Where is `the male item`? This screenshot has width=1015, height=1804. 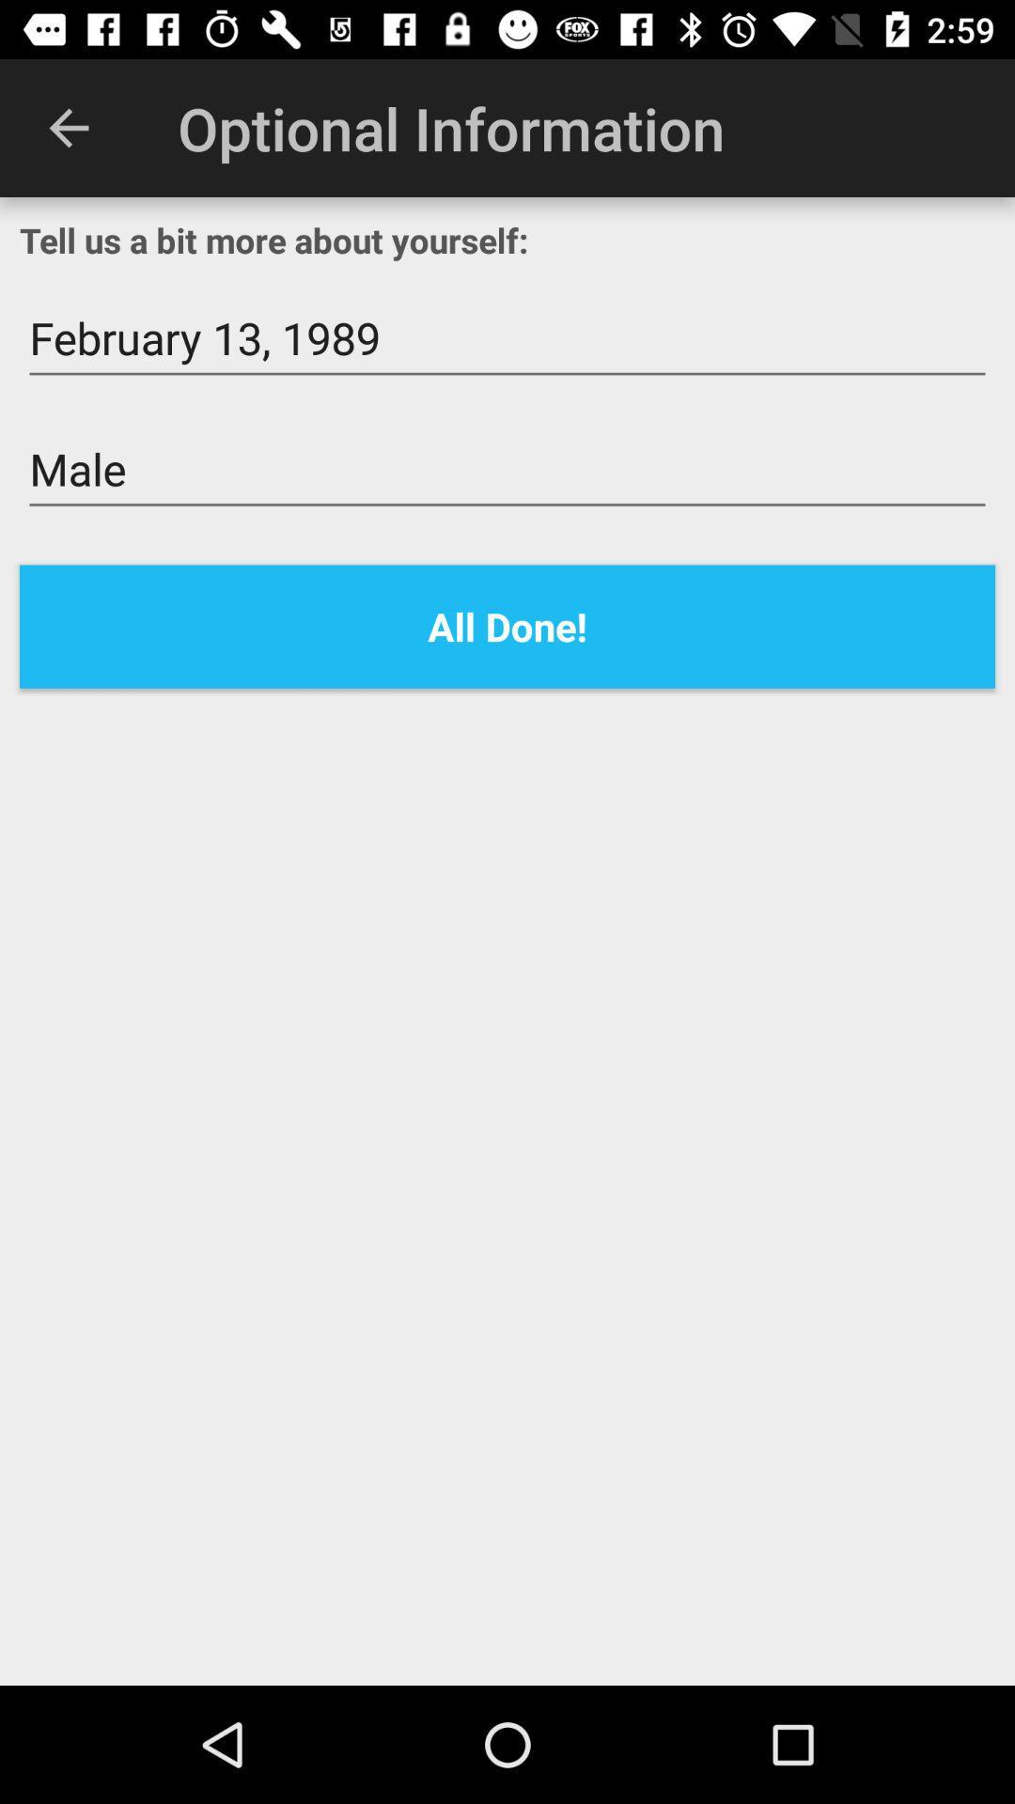
the male item is located at coordinates (507, 470).